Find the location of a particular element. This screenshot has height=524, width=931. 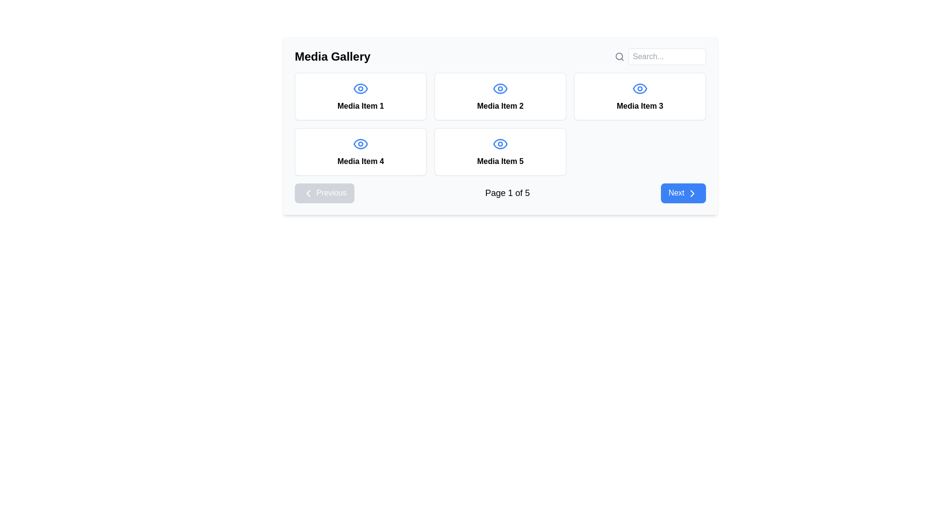

a media item in the 'Media Gallery' section is located at coordinates (500, 125).